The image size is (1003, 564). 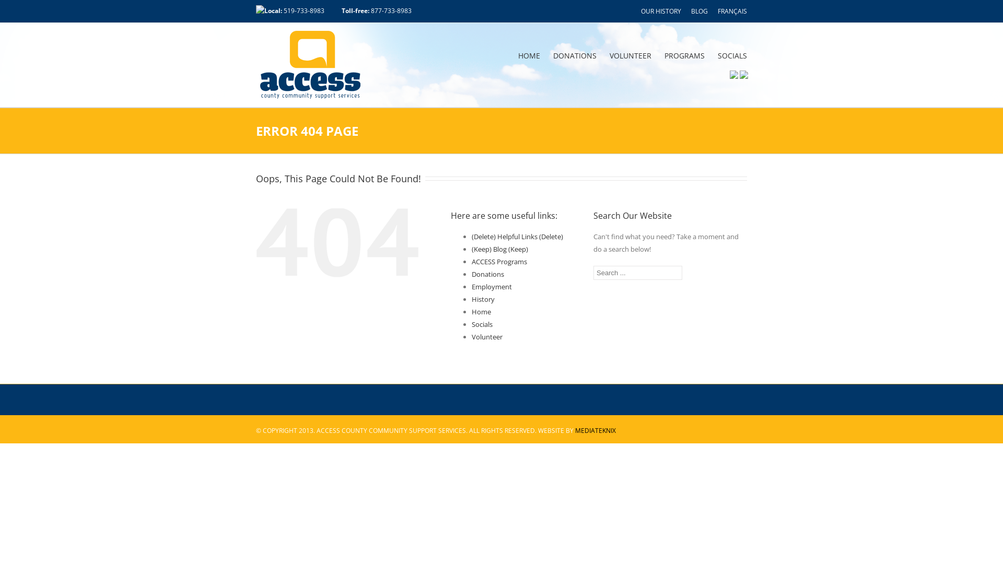 What do you see at coordinates (629, 55) in the screenshot?
I see `'VOLUNTEER'` at bounding box center [629, 55].